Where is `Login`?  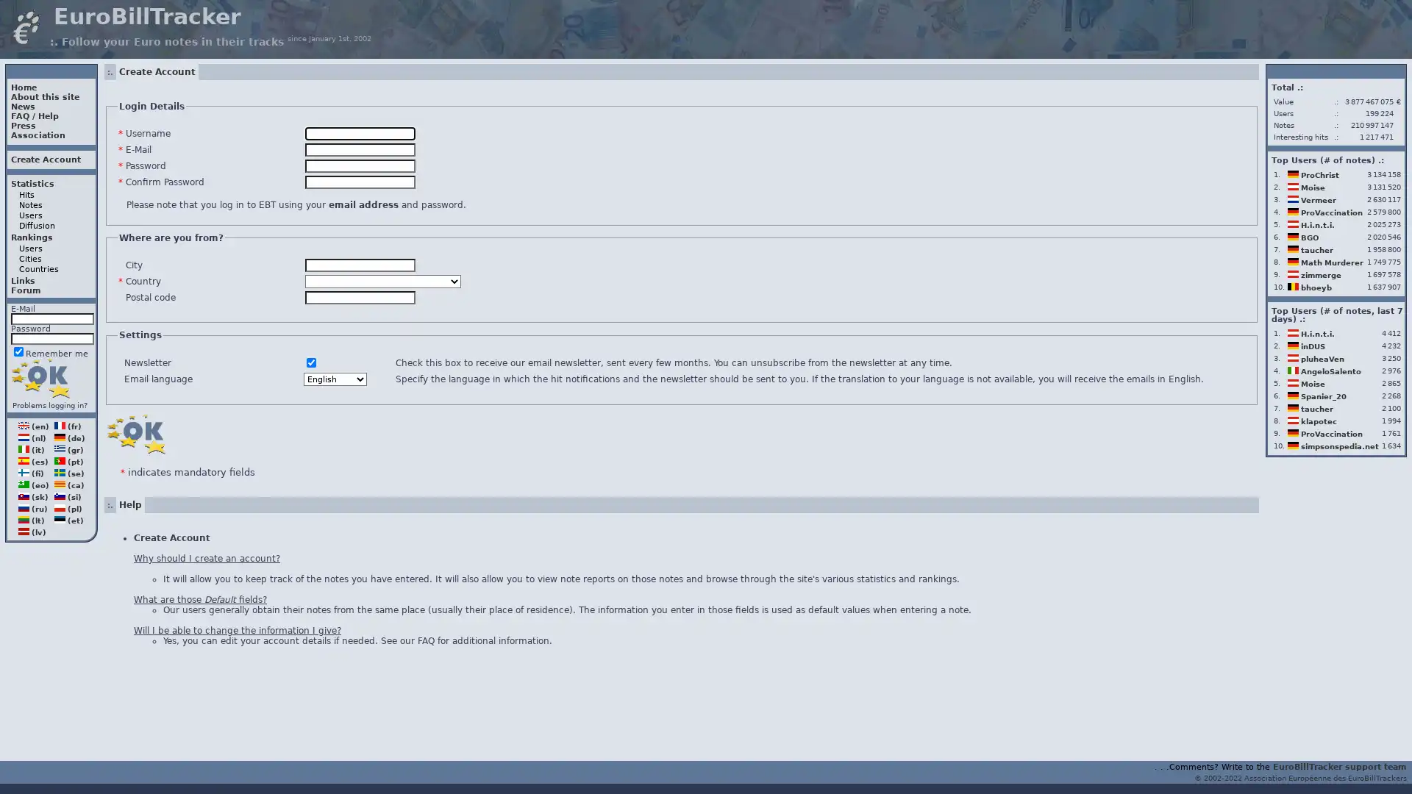
Login is located at coordinates (40, 378).